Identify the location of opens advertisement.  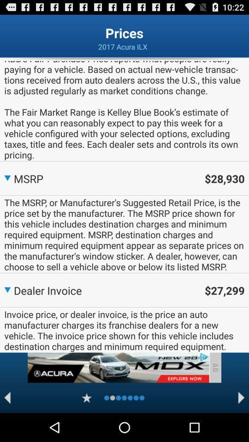
(118, 367).